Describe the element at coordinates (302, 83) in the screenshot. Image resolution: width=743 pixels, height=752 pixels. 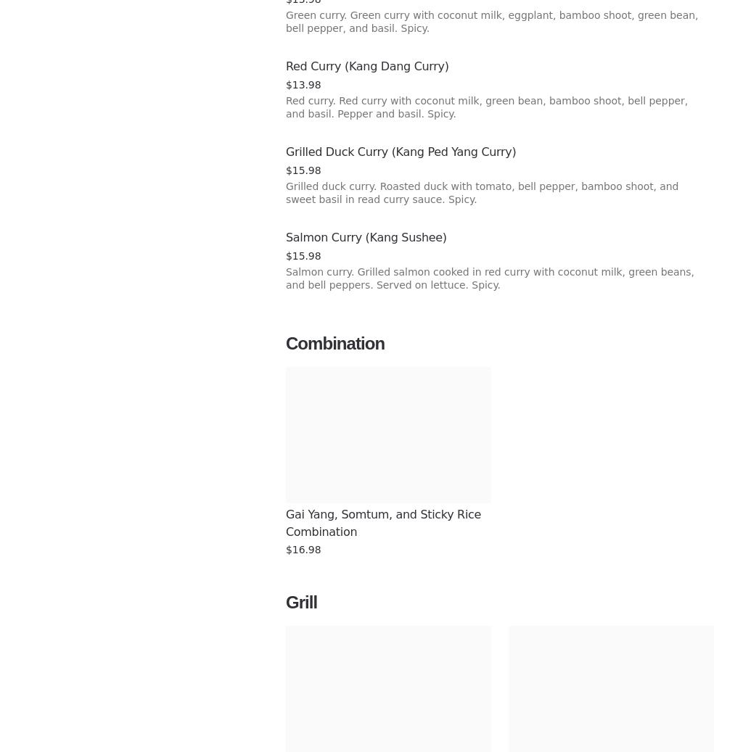
I see `'$13.98'` at that location.